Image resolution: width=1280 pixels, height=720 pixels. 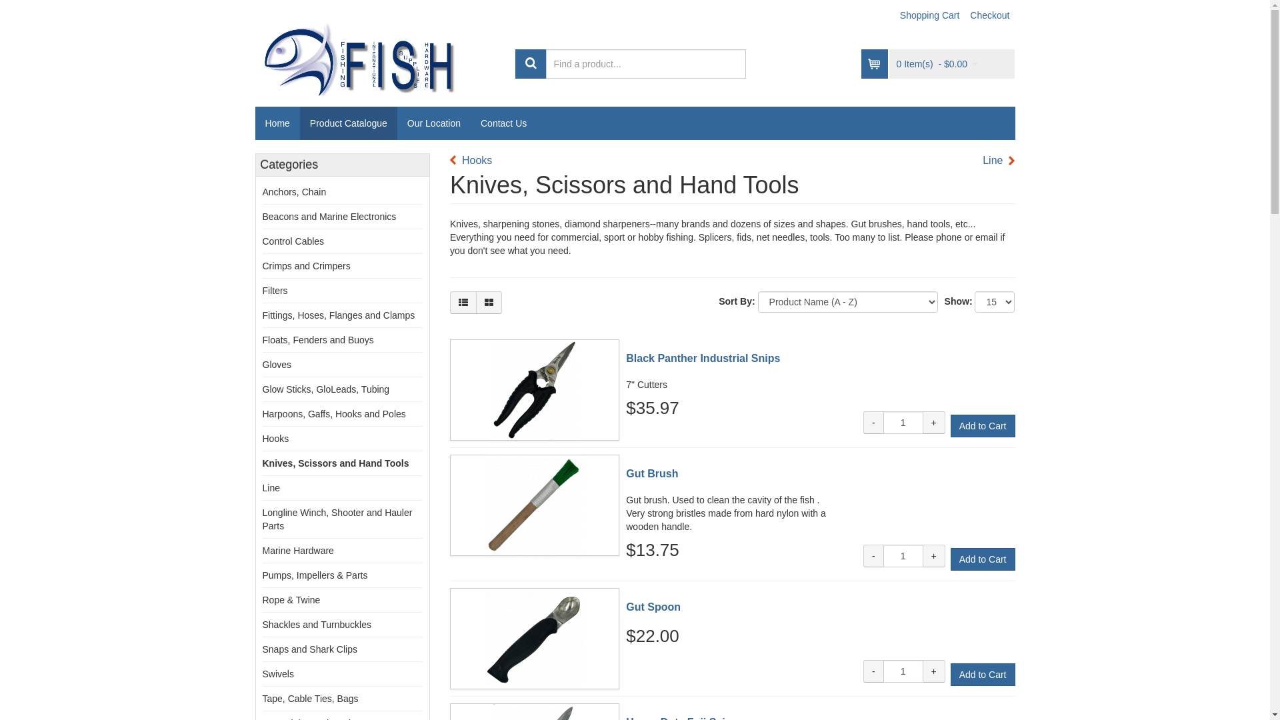 What do you see at coordinates (949, 674) in the screenshot?
I see `'Add to Cart'` at bounding box center [949, 674].